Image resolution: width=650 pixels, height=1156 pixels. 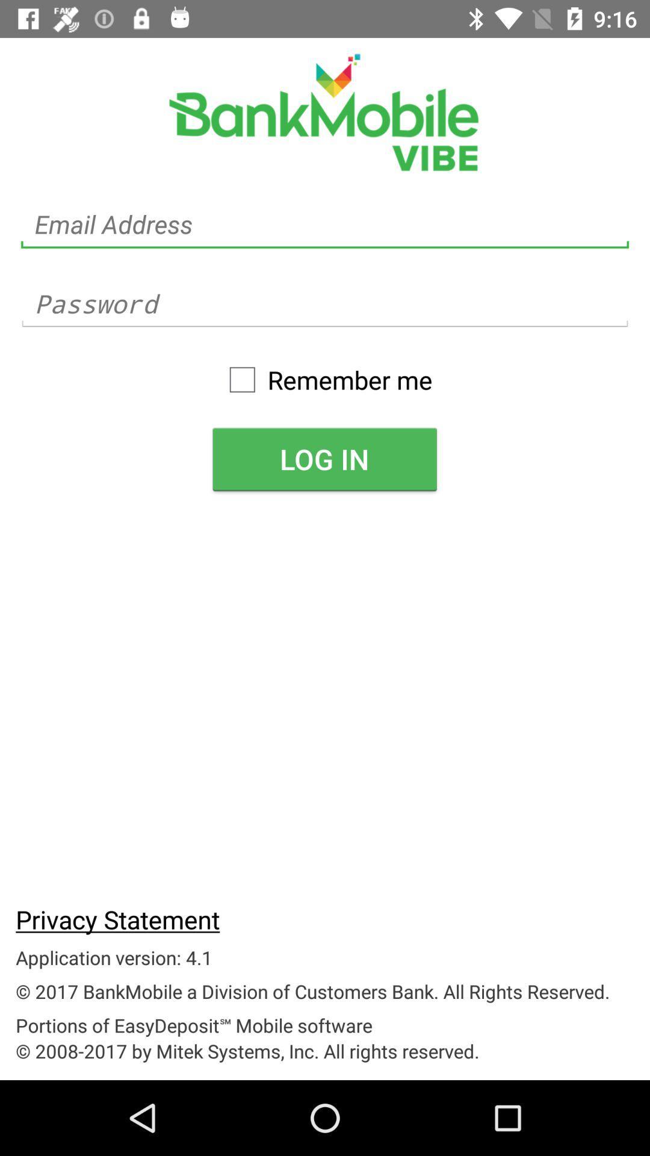 I want to click on input password, so click(x=325, y=304).